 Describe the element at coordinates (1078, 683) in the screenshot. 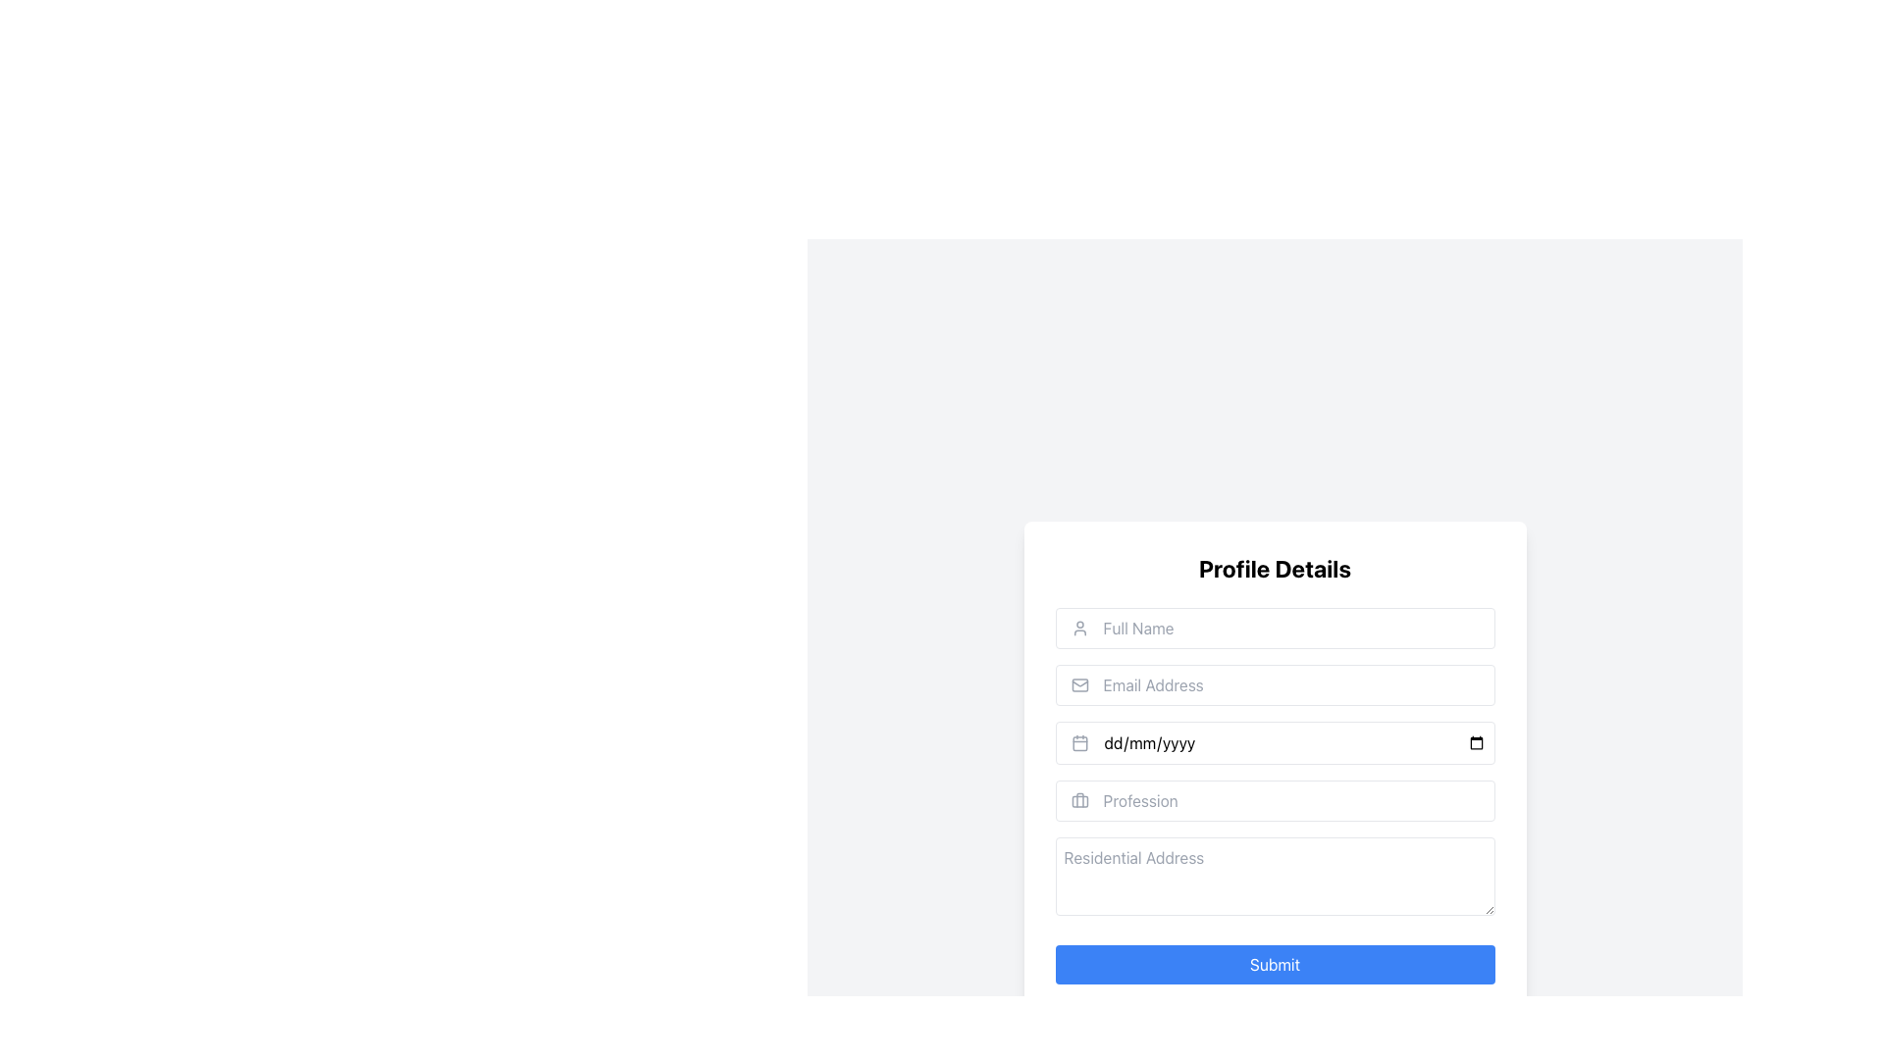

I see `the SVG icon that indicates the email address input field, located within the 'Email Address' input area` at that location.